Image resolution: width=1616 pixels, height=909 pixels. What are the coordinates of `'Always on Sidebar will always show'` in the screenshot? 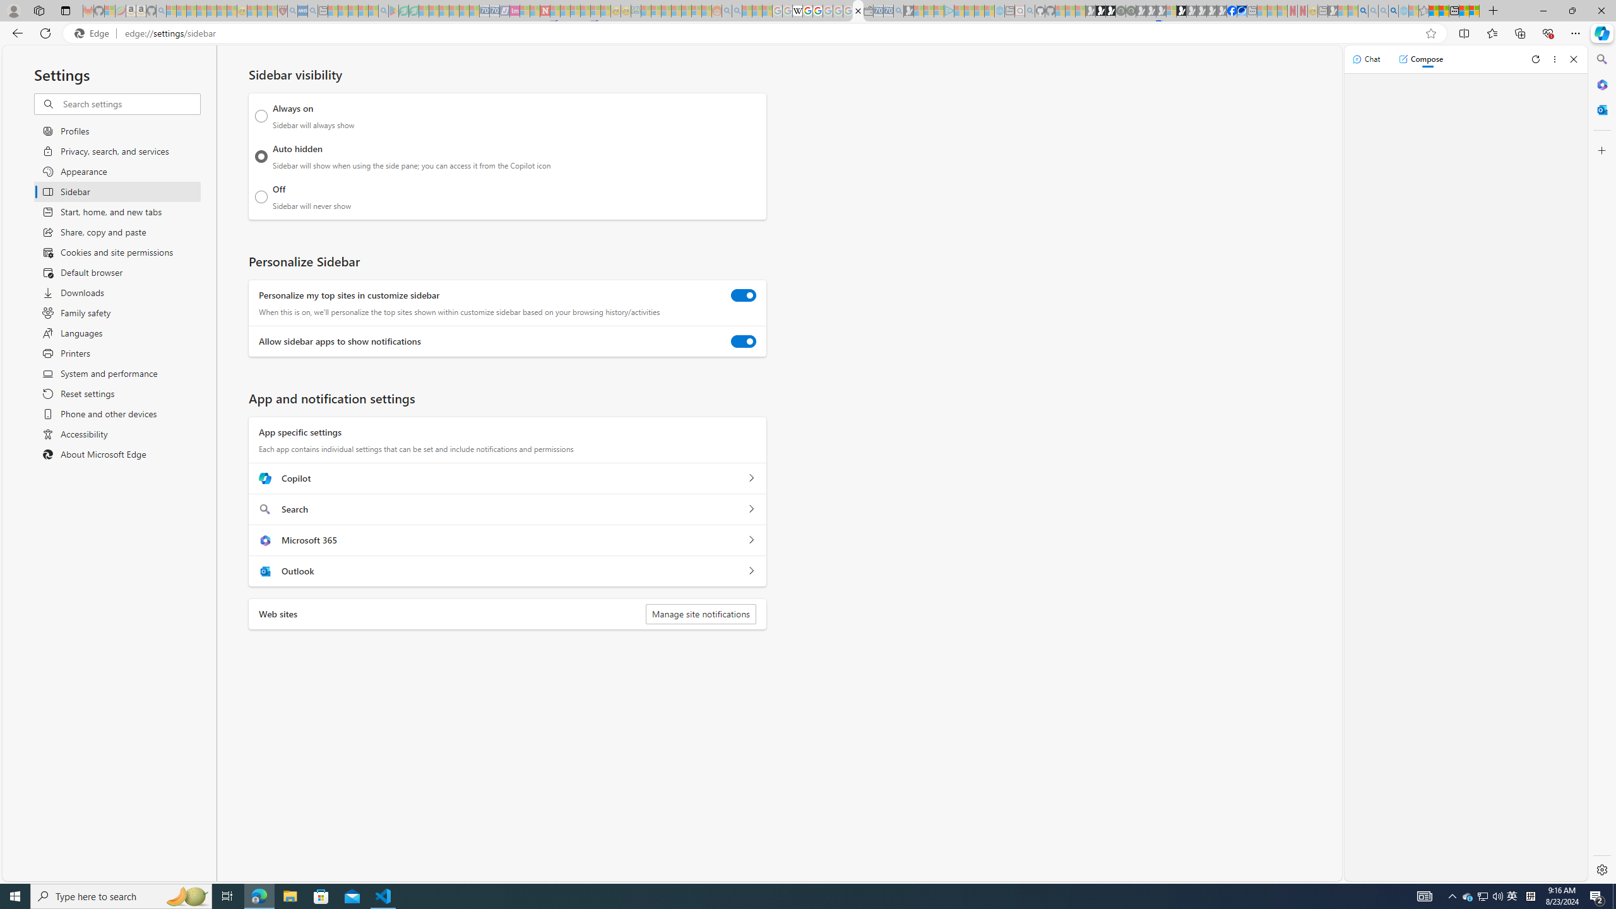 It's located at (261, 116).